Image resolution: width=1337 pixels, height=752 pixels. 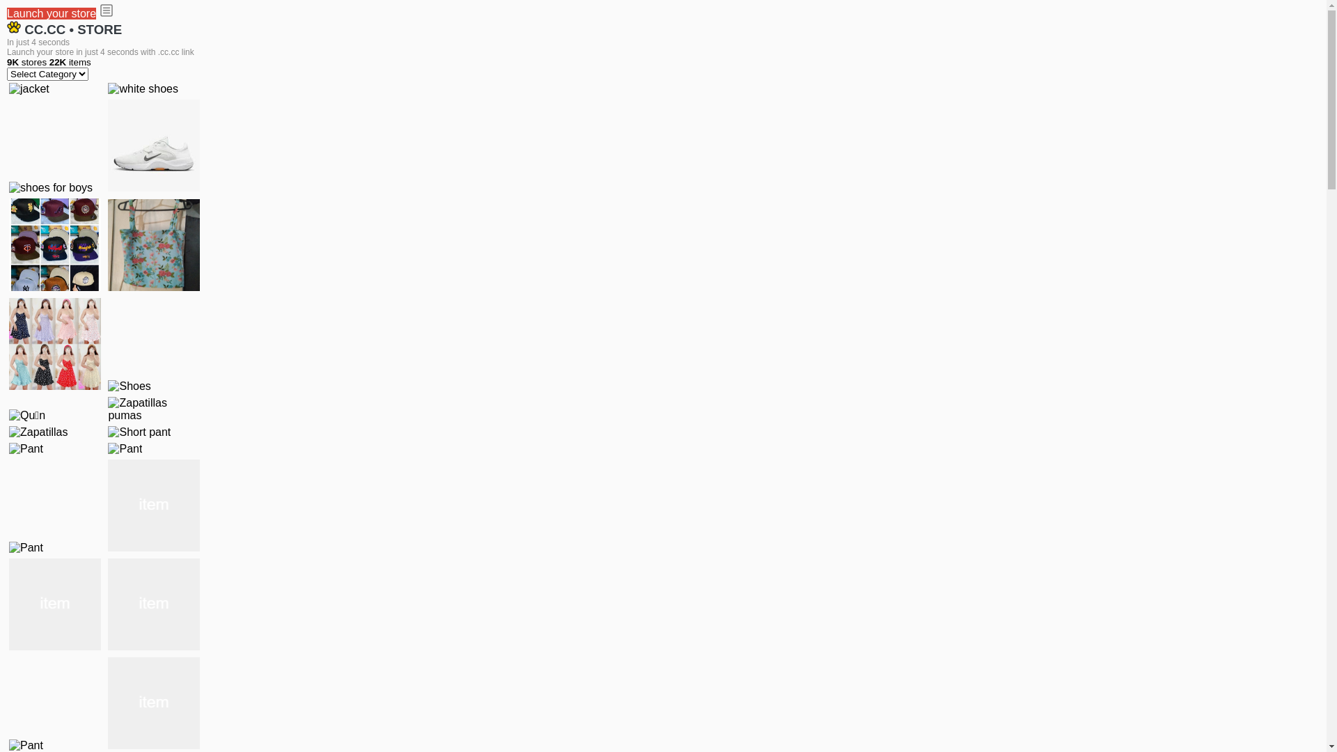 I want to click on 'Pant', so click(x=153, y=603).